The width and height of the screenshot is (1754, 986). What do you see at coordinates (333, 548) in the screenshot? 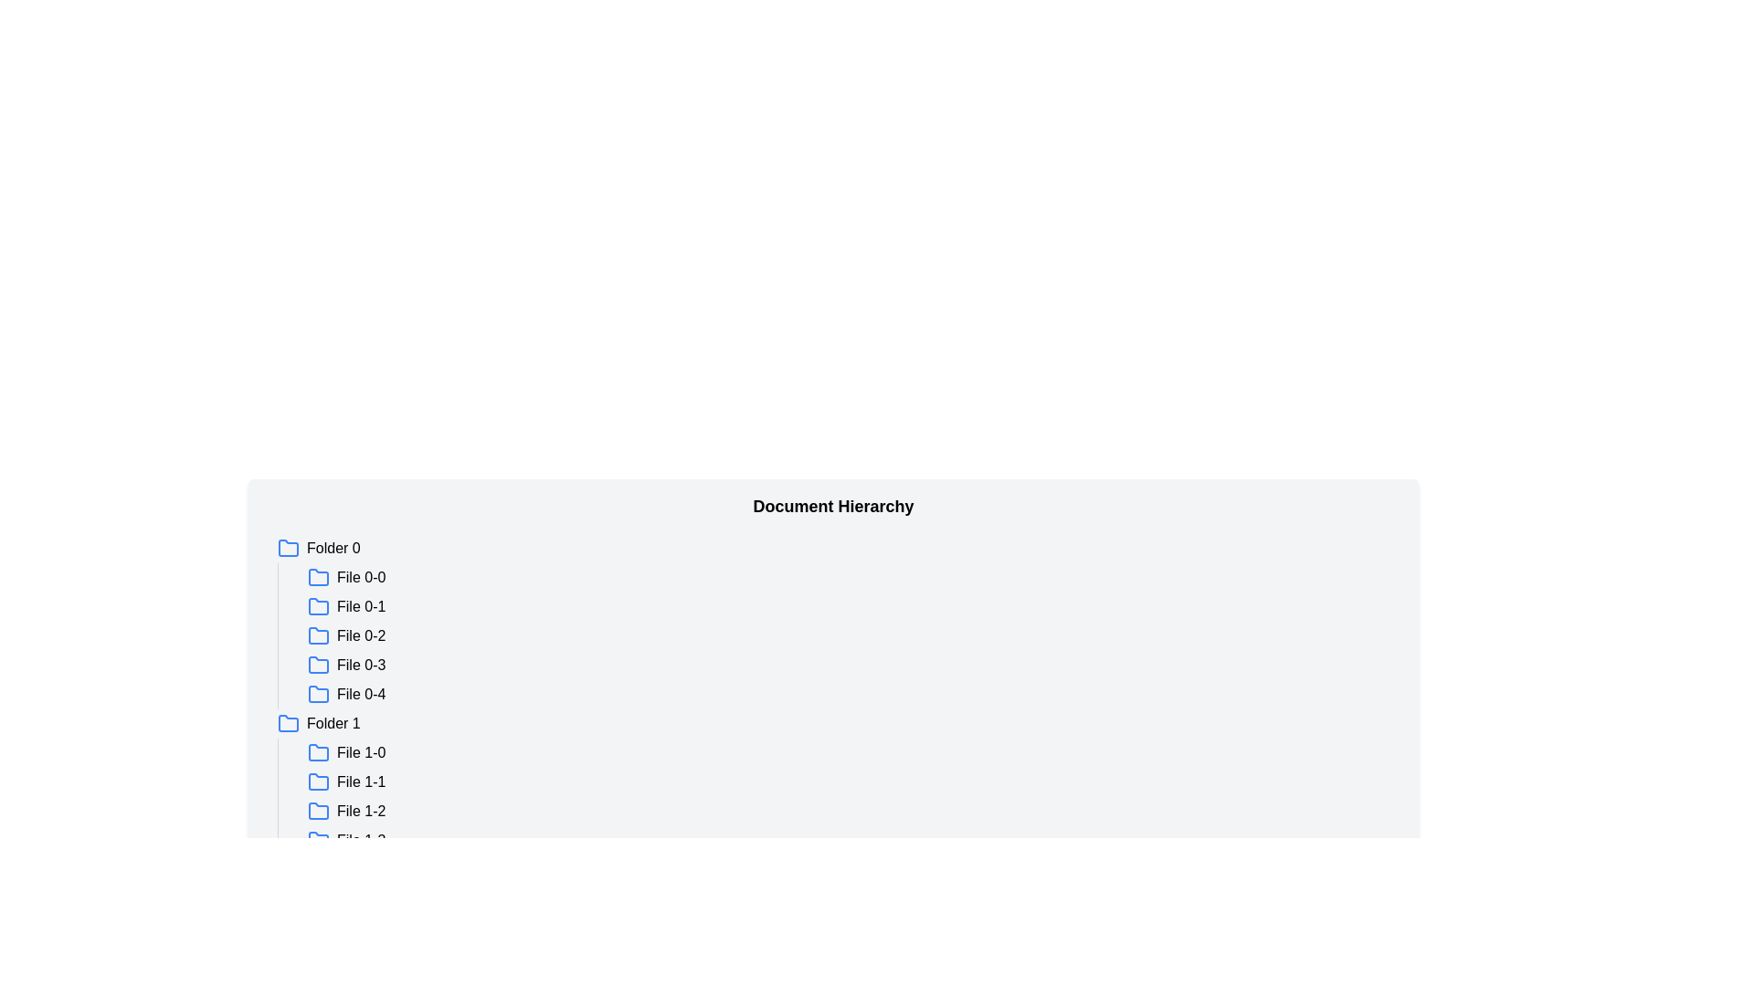
I see `the text label for the folder named 'Folder 0' located in the 'Document Hierarchy' section, which is next to a blue folder icon` at bounding box center [333, 548].